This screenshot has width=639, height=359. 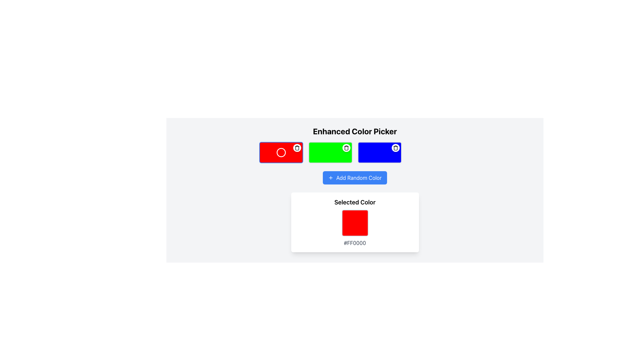 I want to click on the trash can icon located at the top-right corner of the color swatch, so click(x=297, y=147).